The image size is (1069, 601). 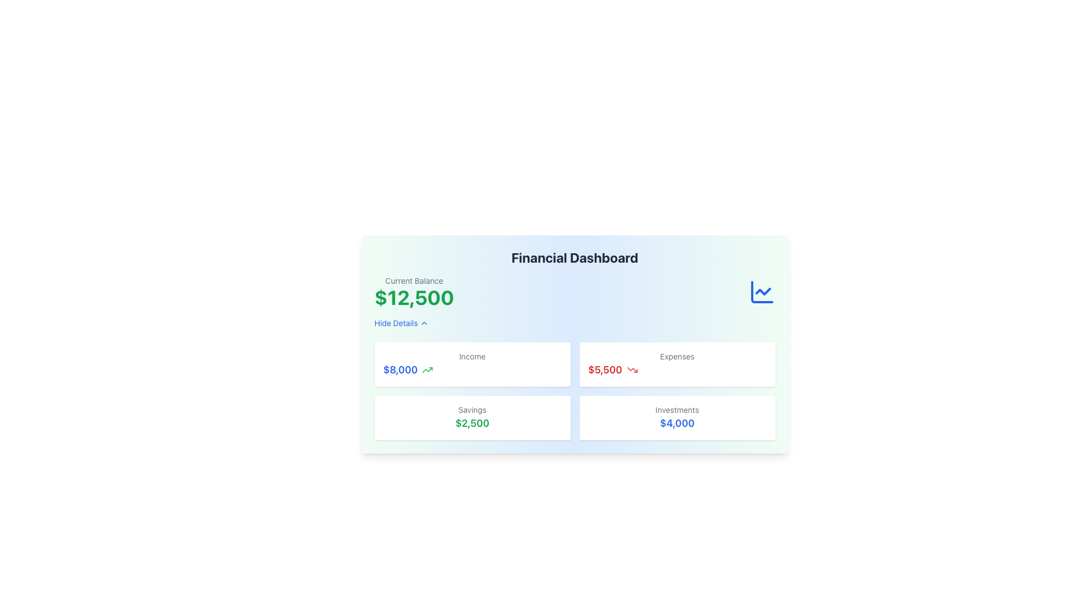 I want to click on the green upward-trending arrow icon located directly to the right of the '$8,000' text labeled as 'Income' on the dashboard, so click(x=427, y=370).